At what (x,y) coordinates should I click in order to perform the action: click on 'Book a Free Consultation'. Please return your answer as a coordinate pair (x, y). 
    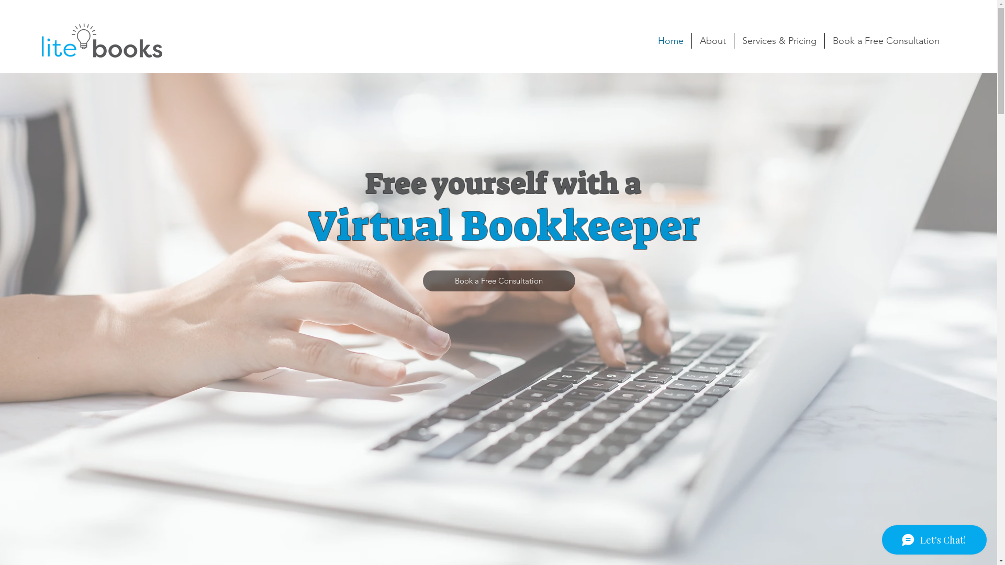
    Looking at the image, I should click on (498, 280).